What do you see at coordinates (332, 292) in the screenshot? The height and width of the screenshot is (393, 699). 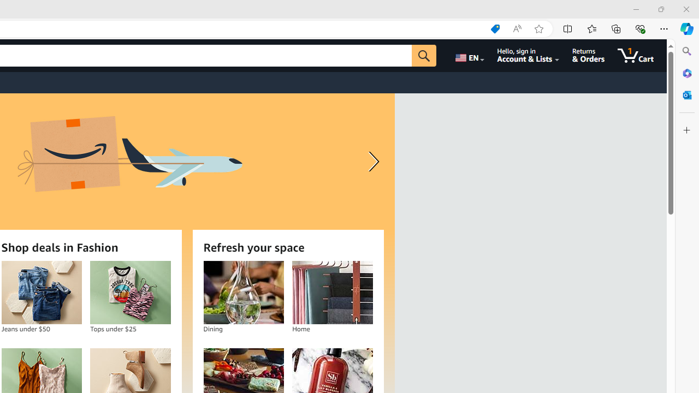 I see `'Home'` at bounding box center [332, 292].